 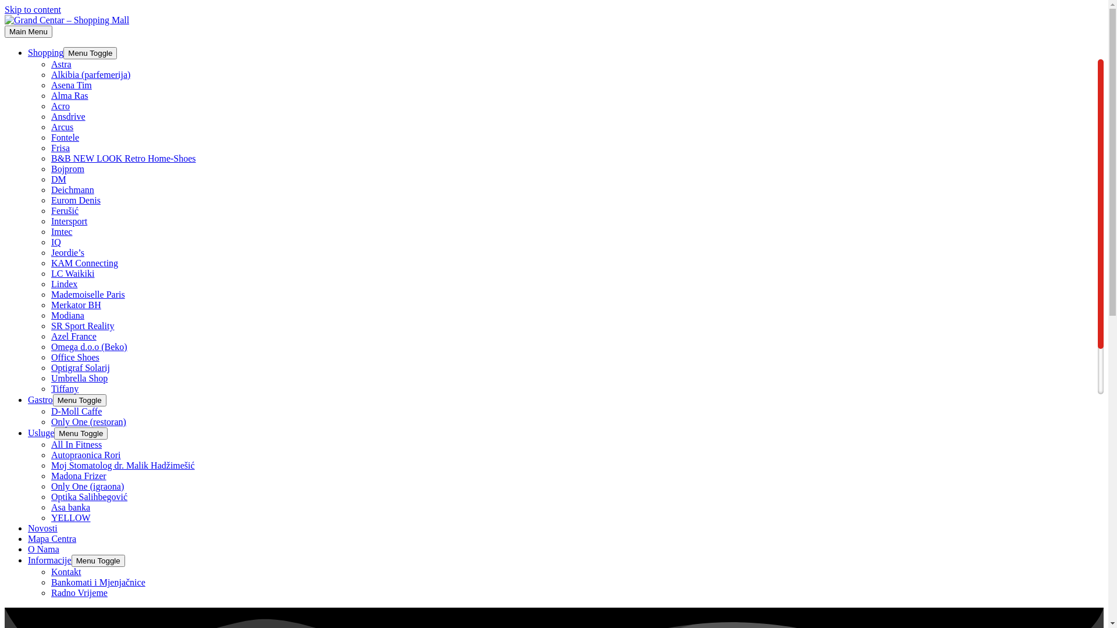 I want to click on 'SR Sport Reality', so click(x=50, y=326).